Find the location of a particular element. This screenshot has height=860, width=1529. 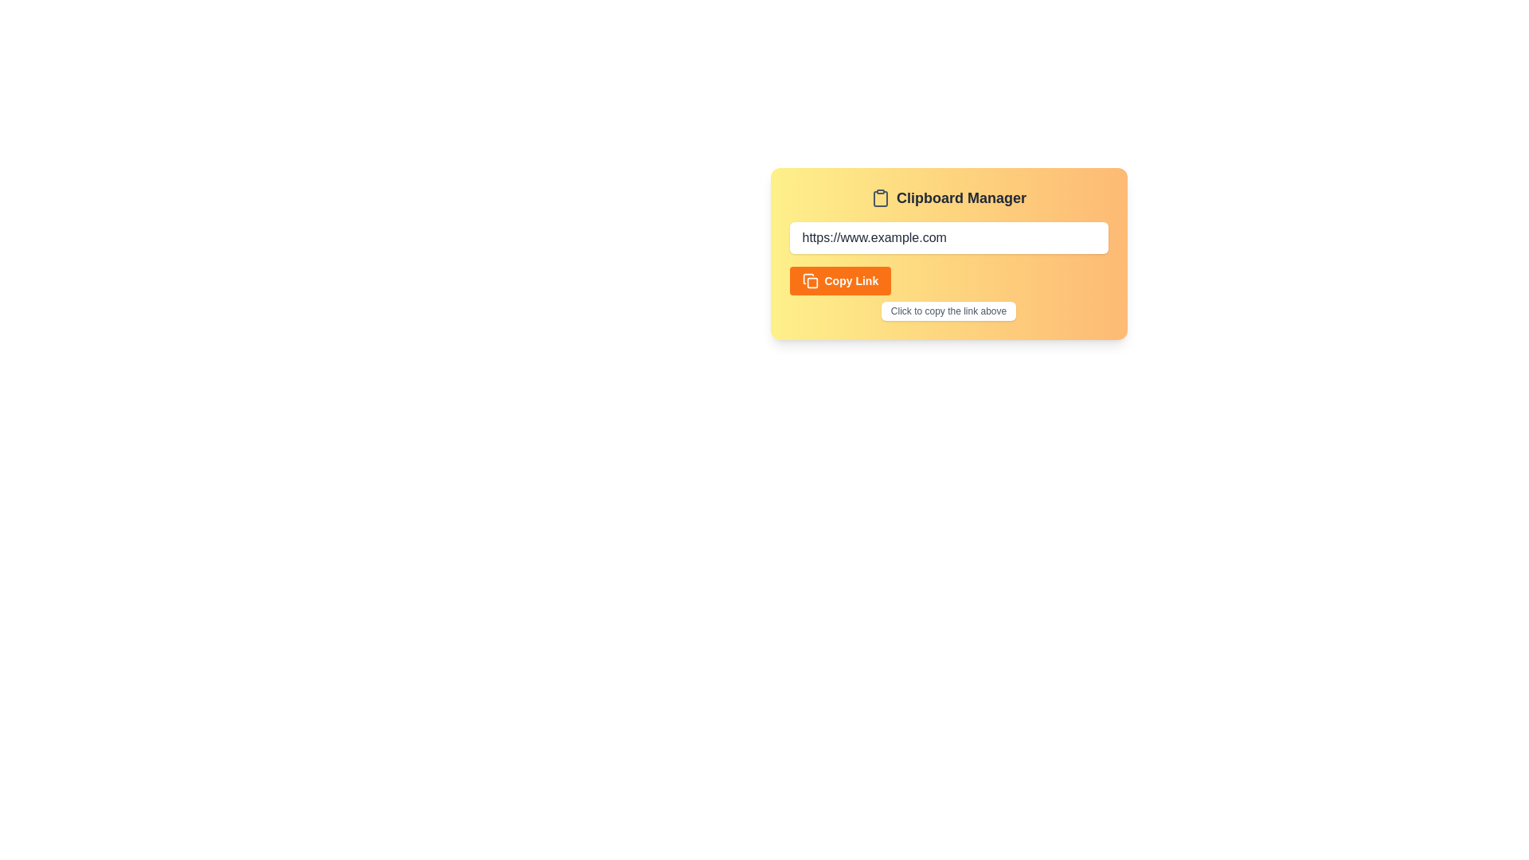

the 'Clipboard Manager' text label with icon, which is centrally located at the top of the card with a gradient background is located at coordinates (948, 197).